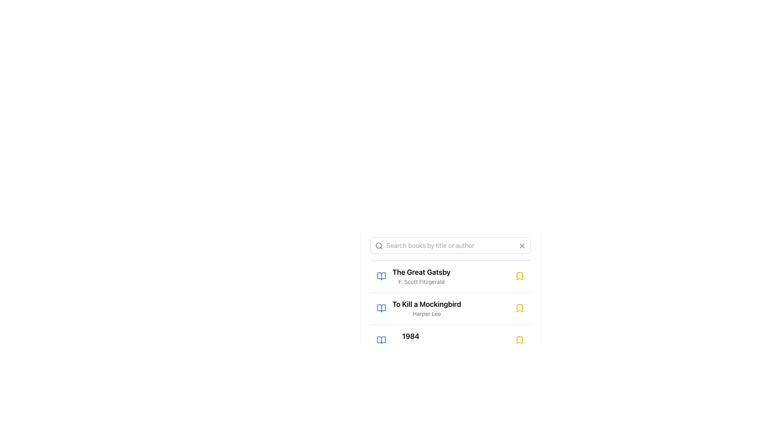  I want to click on the bookmark icon located on the far-right side of the list item for 'To Kill a Mockingbird', so click(520, 308).